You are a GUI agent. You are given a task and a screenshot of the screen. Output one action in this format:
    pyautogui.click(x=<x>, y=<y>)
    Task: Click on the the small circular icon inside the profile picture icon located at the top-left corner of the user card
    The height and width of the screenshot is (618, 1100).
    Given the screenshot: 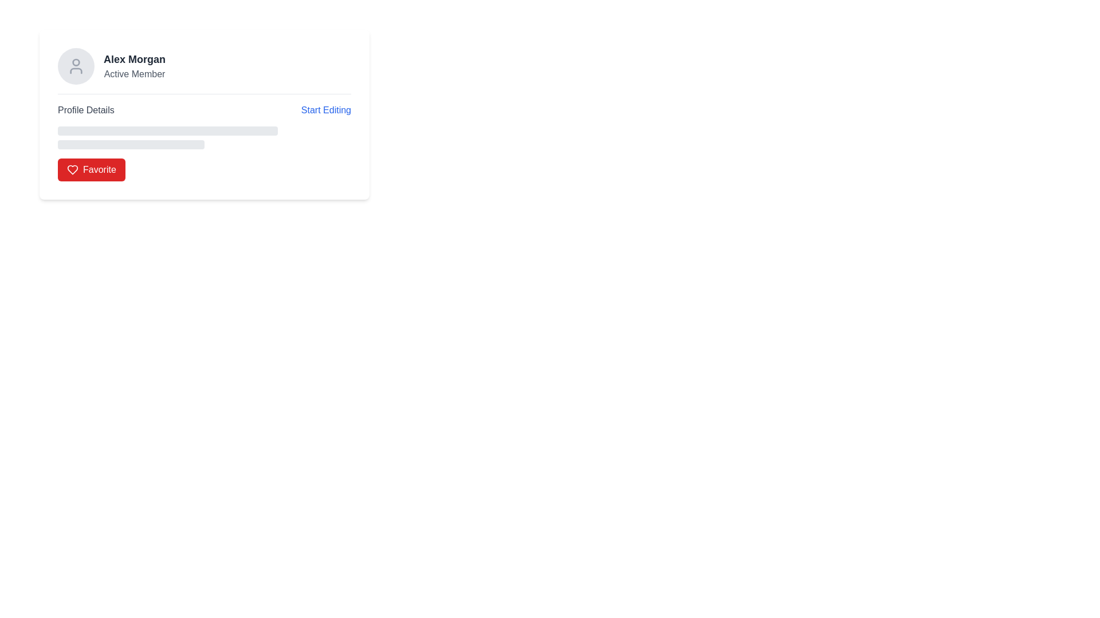 What is the action you would take?
    pyautogui.click(x=76, y=62)
    